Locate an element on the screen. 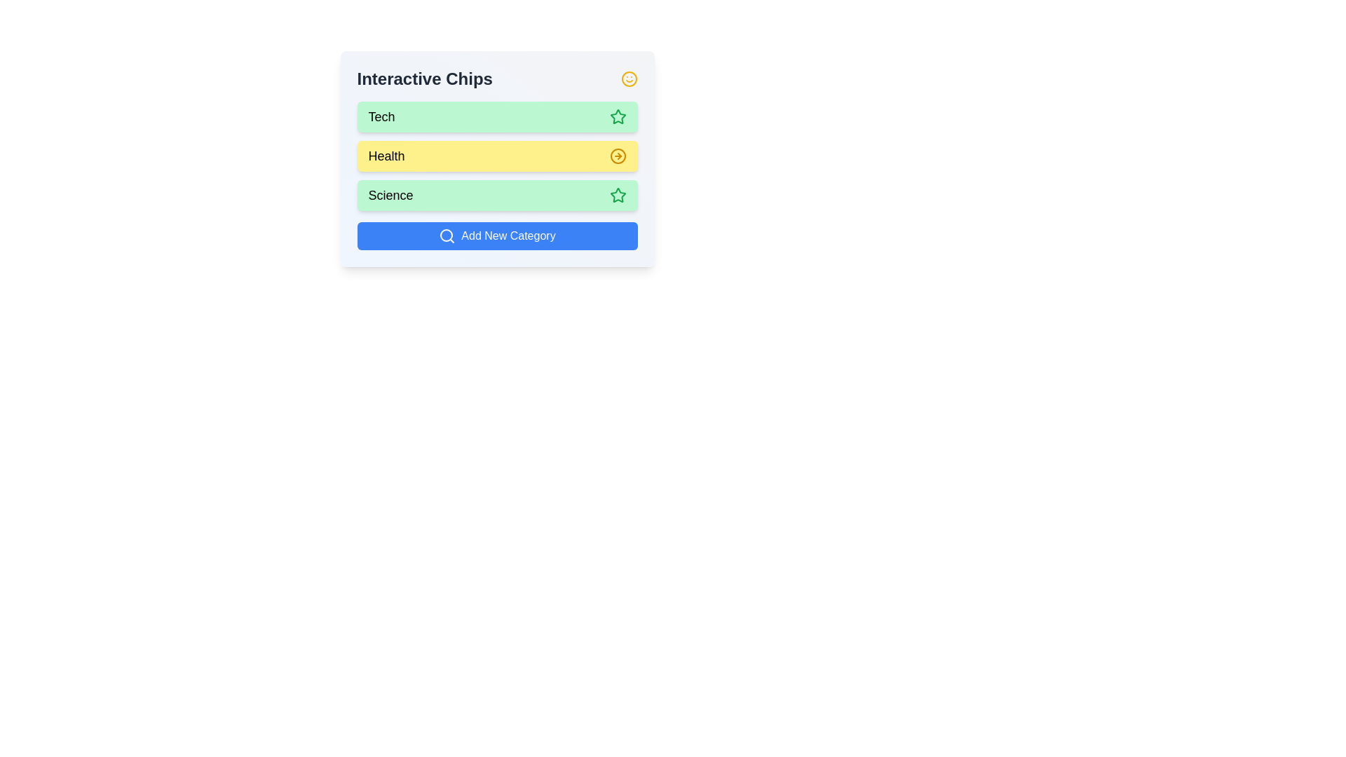 Image resolution: width=1346 pixels, height=757 pixels. the 'Add New Category' button to add a new category is located at coordinates (497, 235).